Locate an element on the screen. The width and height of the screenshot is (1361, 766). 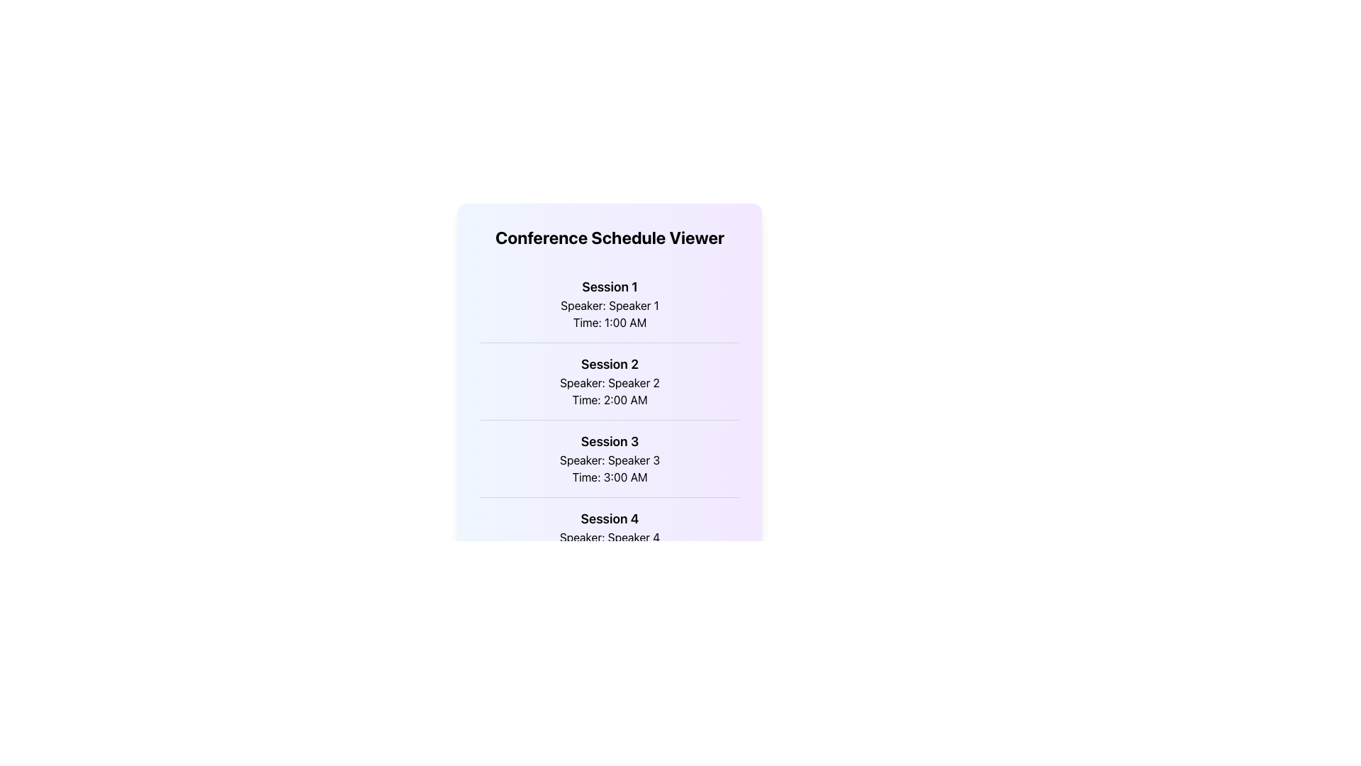
the static text label that provides the speaker information for 'Session 2' in the conference schedule is located at coordinates (610, 383).